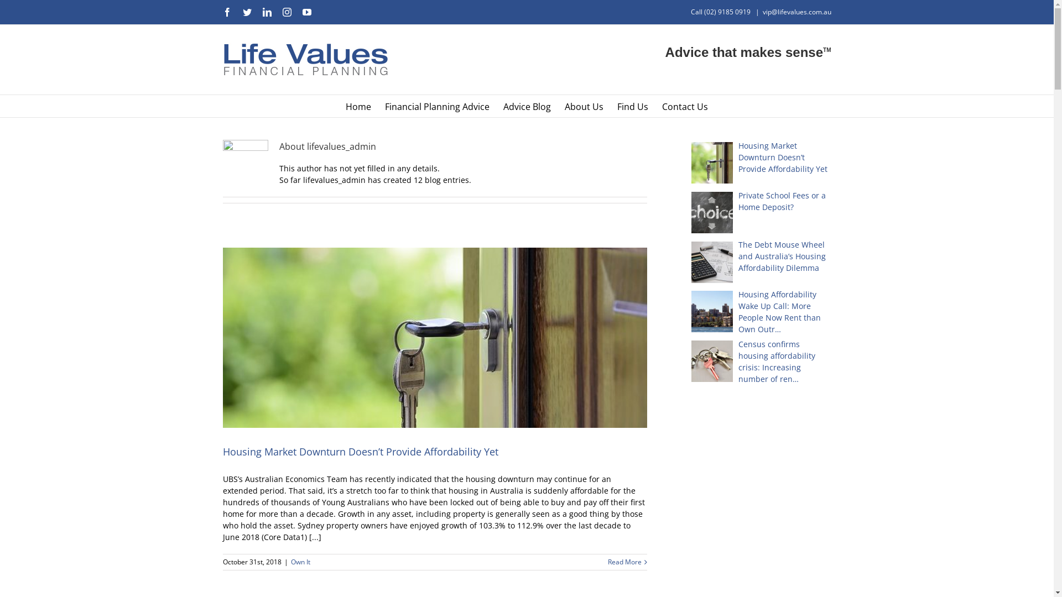 The height and width of the screenshot is (597, 1062). What do you see at coordinates (300, 562) in the screenshot?
I see `'Own It'` at bounding box center [300, 562].